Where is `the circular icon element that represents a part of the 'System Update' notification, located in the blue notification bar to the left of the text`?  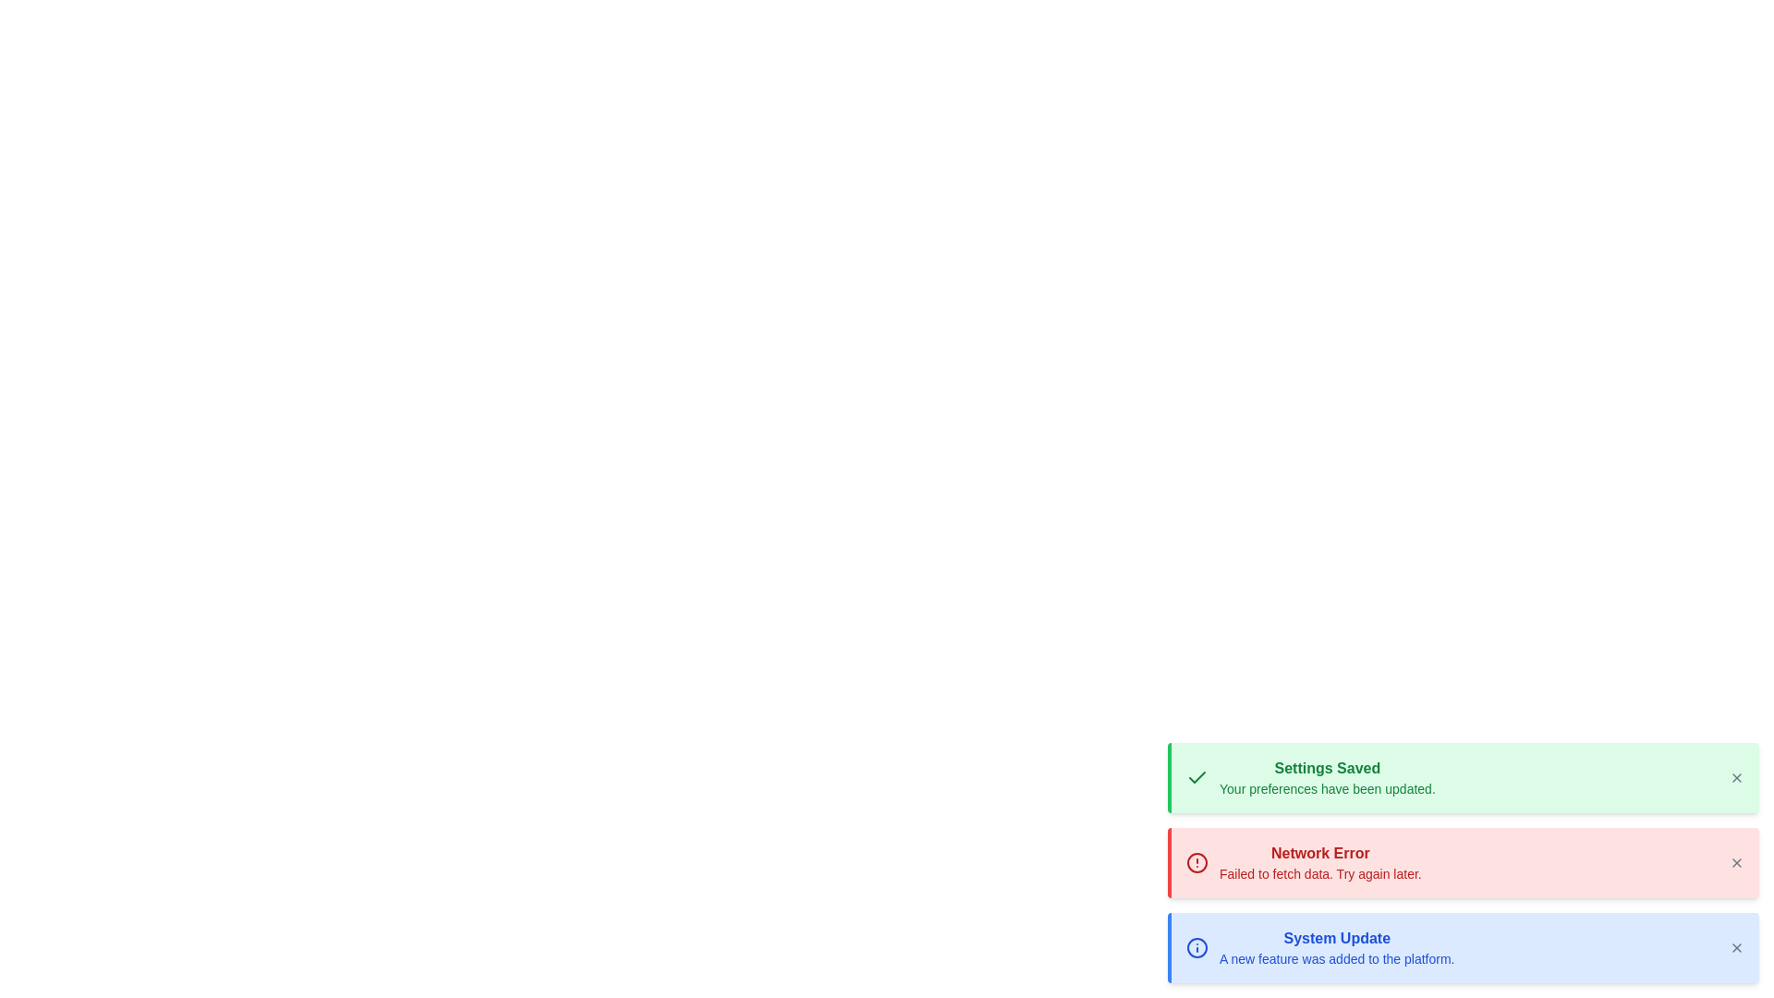 the circular icon element that represents a part of the 'System Update' notification, located in the blue notification bar to the left of the text is located at coordinates (1197, 948).